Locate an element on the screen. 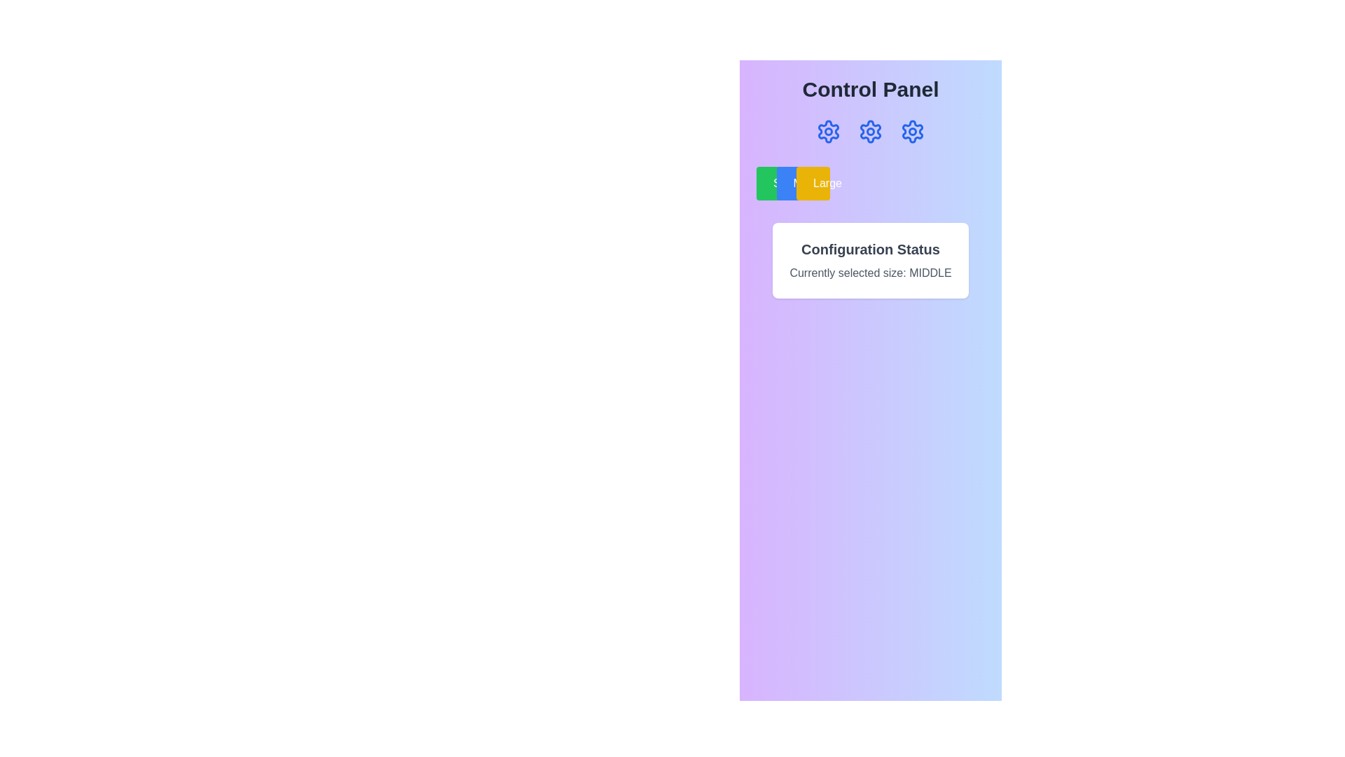 This screenshot has width=1345, height=757. the middle gear/settings icon located just below the 'Control Panel' title is located at coordinates (870, 132).